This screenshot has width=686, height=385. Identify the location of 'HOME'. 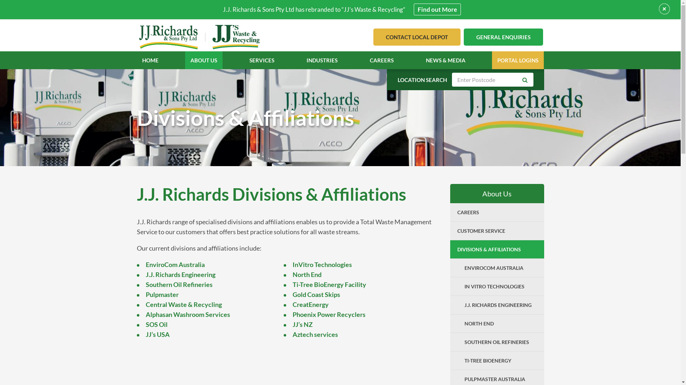
(150, 60).